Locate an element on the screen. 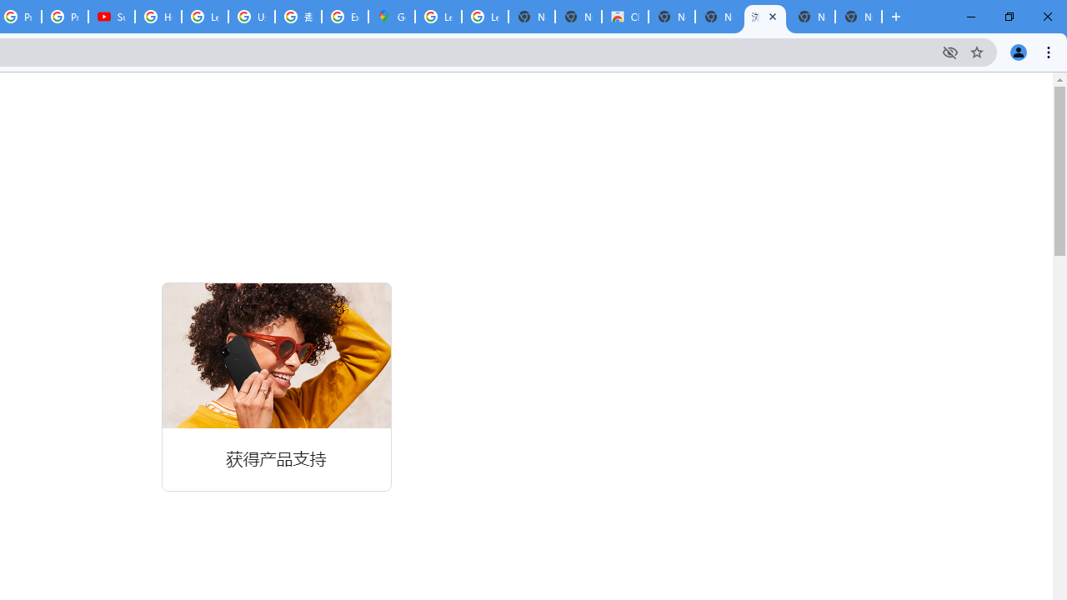 The image size is (1067, 600). 'Google Maps' is located at coordinates (390, 17).